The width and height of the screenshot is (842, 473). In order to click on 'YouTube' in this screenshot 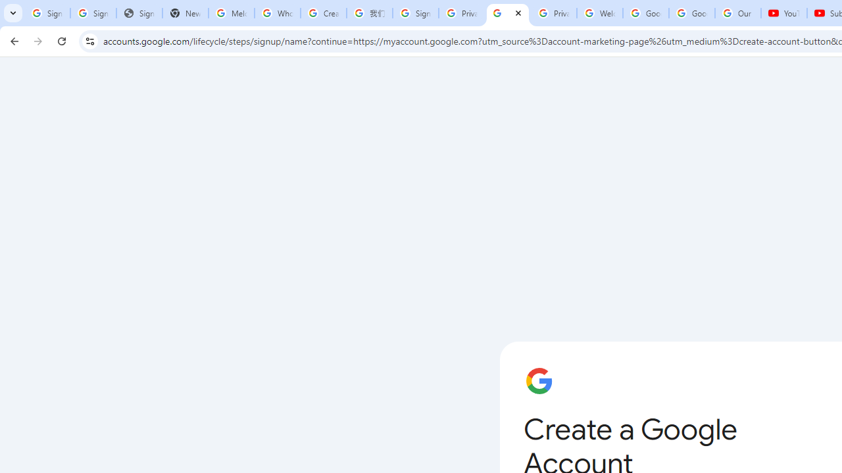, I will do `click(784, 13)`.